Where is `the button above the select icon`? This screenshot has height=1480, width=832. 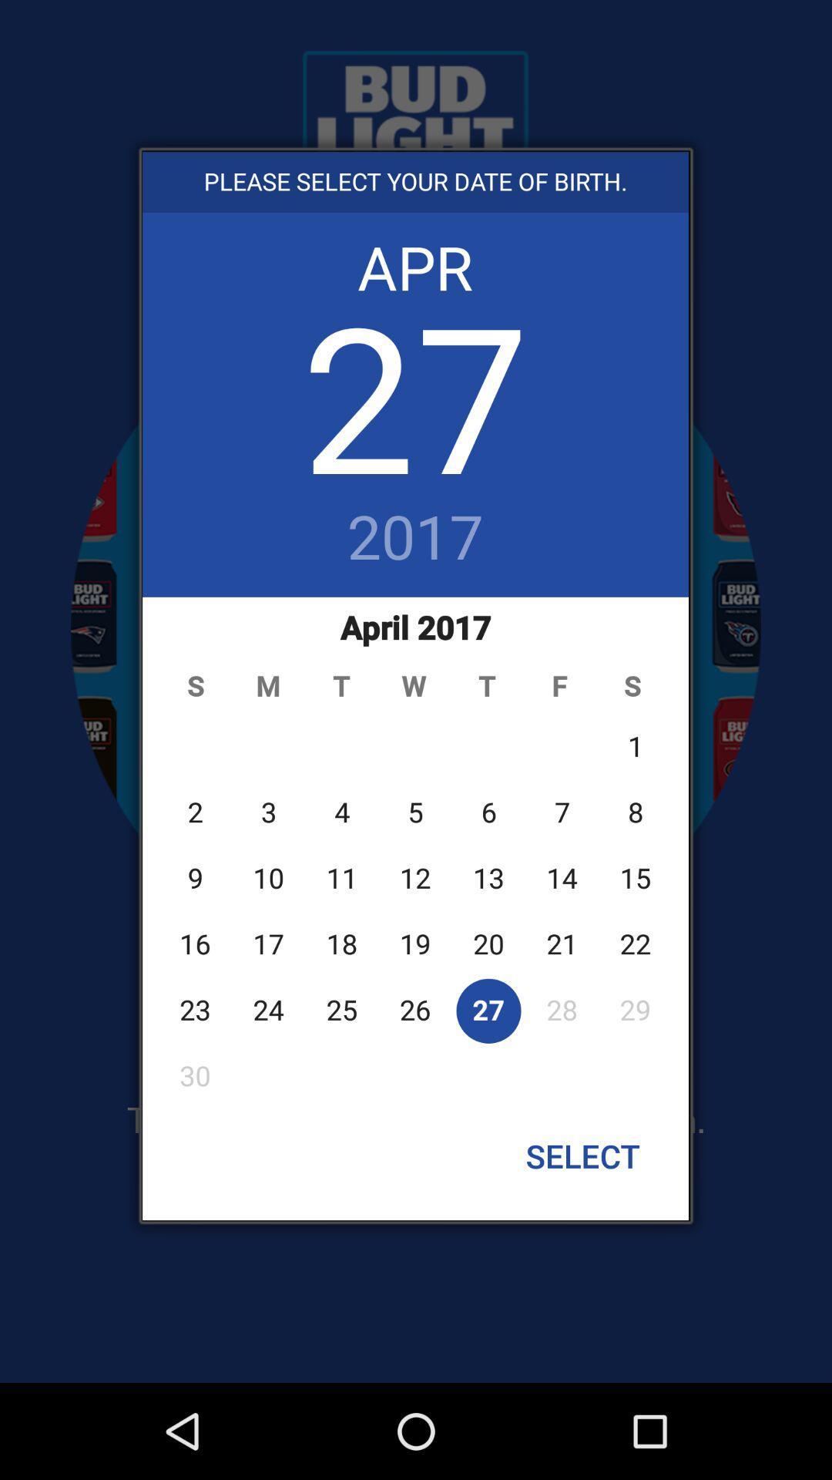
the button above the select icon is located at coordinates (414, 851).